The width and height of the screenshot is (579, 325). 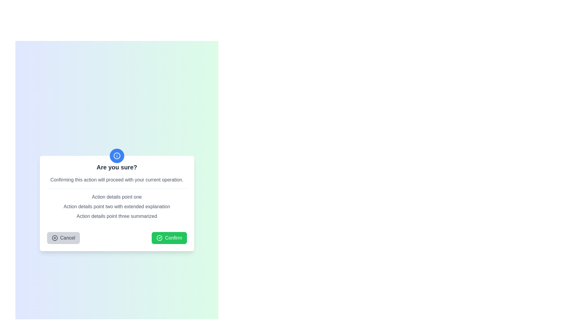 I want to click on the green 'Confirm' button with white text and a check mark icon to confirm the action, so click(x=169, y=237).